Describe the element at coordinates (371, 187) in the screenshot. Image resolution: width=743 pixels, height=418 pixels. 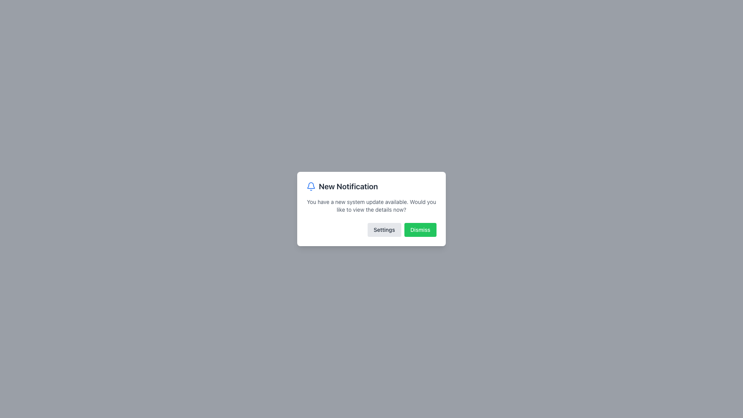
I see `text labeling of the 'New Notification' heading that is prominently displayed at the top of the modal, accompanied by a blue notification icon` at that location.